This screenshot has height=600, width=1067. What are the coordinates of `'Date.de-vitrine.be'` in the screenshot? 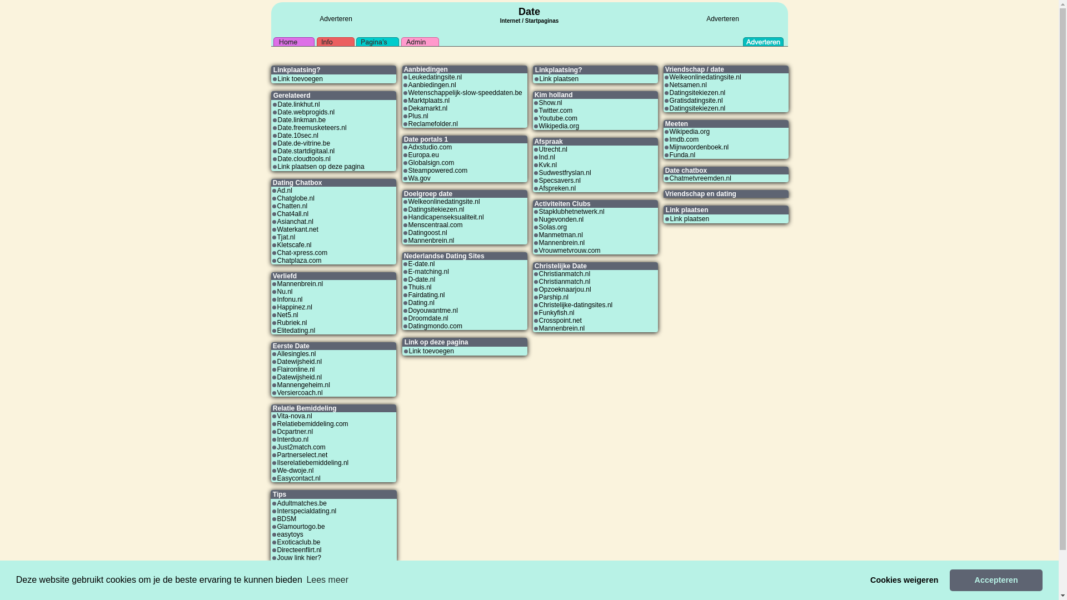 It's located at (304, 143).